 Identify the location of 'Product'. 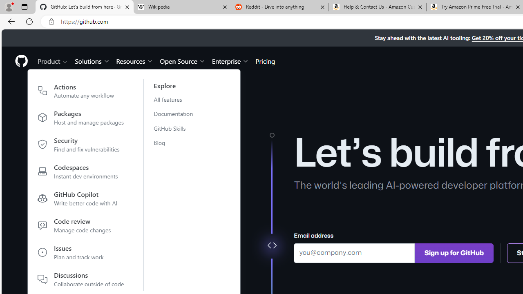
(53, 60).